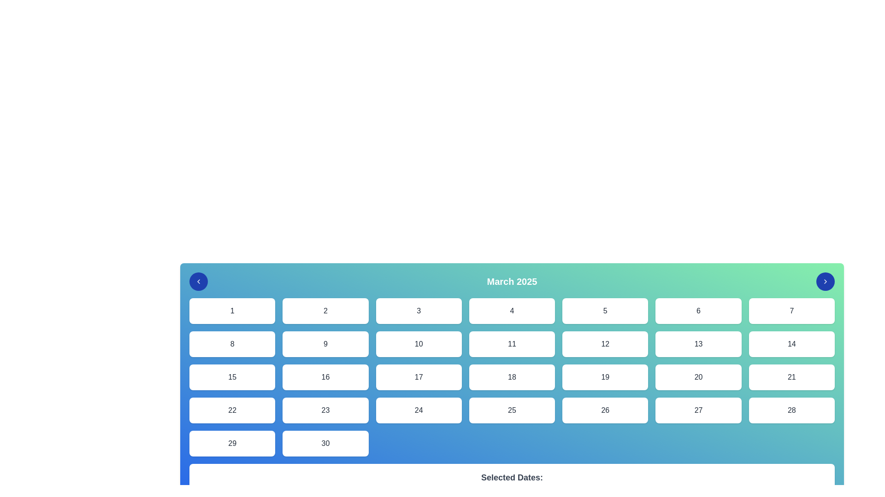  I want to click on the selectable date button for March 2025, which is located in the third row and third column of the calendar grid, positioned between the buttons for '16' and '18', so click(418, 377).